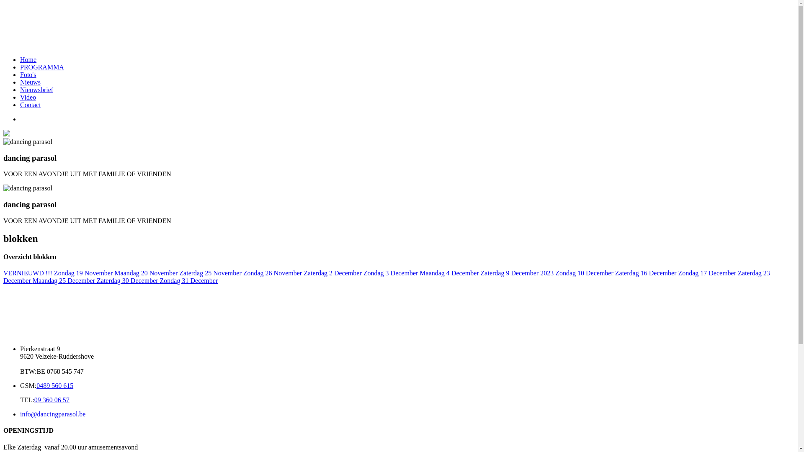 The image size is (804, 452). Describe the element at coordinates (333, 273) in the screenshot. I see `'Zaterdag 2 December'` at that location.